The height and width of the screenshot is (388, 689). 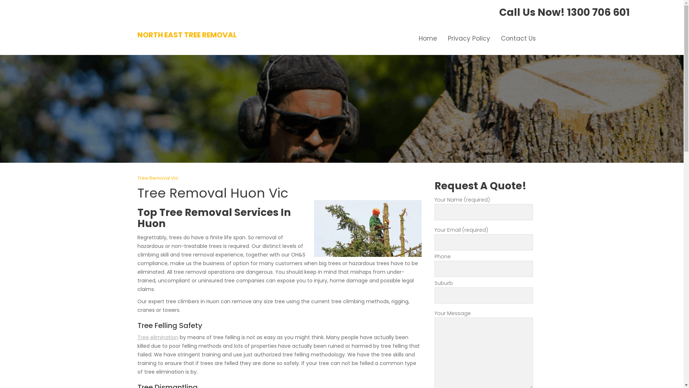 What do you see at coordinates (157, 178) in the screenshot?
I see `'Tree Removal Vic'` at bounding box center [157, 178].